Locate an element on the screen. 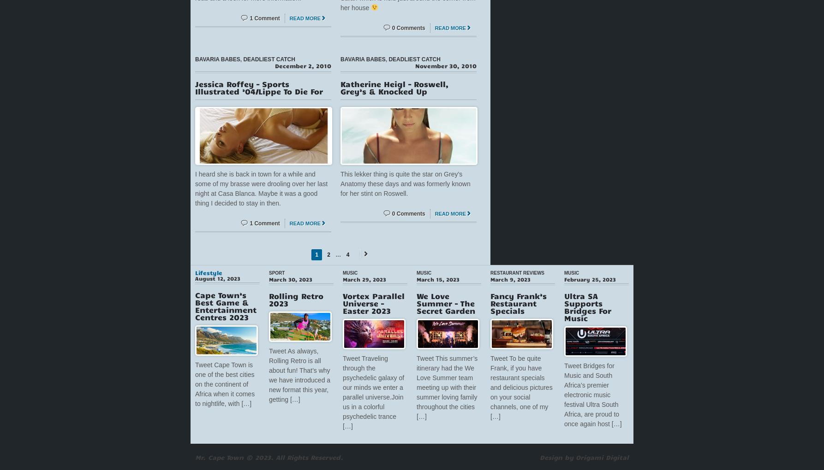 The image size is (824, 470). 'Mr. Cape Town © 2023. All Rights Reserved.' is located at coordinates (269, 457).